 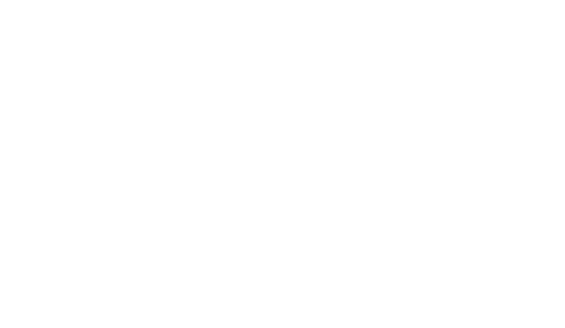 What do you see at coordinates (428, 191) in the screenshot?
I see `'Spotted par FAPhoto'` at bounding box center [428, 191].